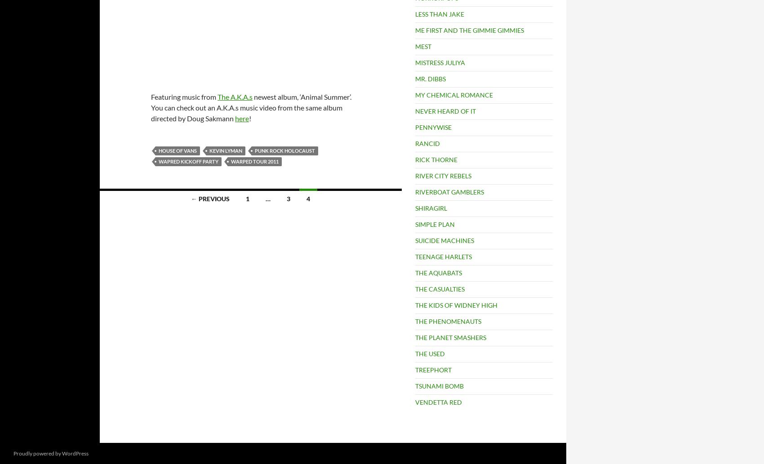  Describe the element at coordinates (430, 78) in the screenshot. I see `'MR. DIBBS'` at that location.